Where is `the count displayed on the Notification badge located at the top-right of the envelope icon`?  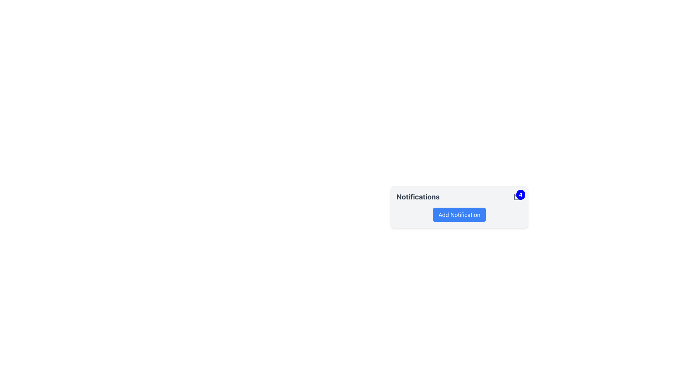
the count displayed on the Notification badge located at the top-right of the envelope icon is located at coordinates (518, 197).